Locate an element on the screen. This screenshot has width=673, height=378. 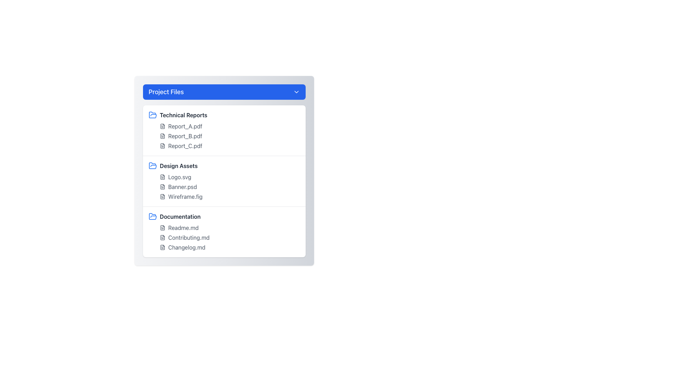
the open folder icon located beside the text label 'Design Assets' in the file explorer interface is located at coordinates (152, 166).